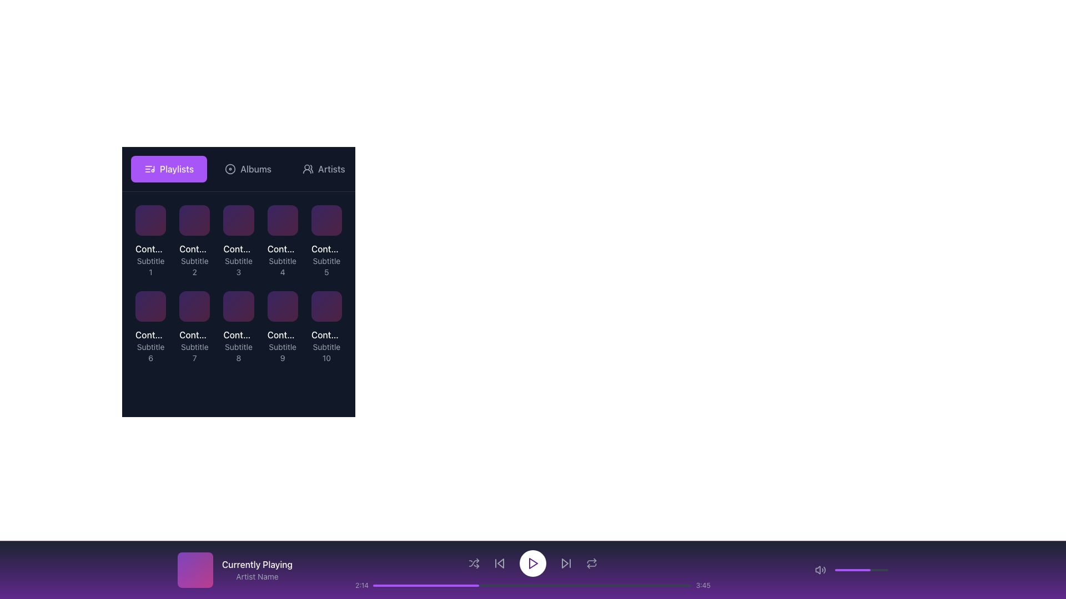 This screenshot has width=1066, height=599. Describe the element at coordinates (238, 169) in the screenshot. I see `the 'Albums' button in the Tab Navigation Bar located at the top of the list view` at that location.